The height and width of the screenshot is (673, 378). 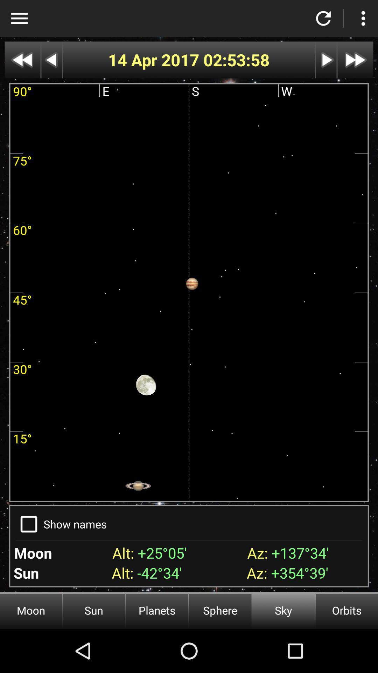 I want to click on go back, so click(x=51, y=60).